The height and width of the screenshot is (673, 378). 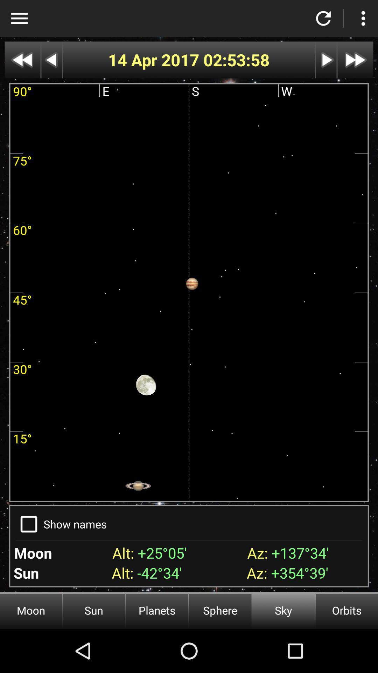 I want to click on go back, so click(x=51, y=60).